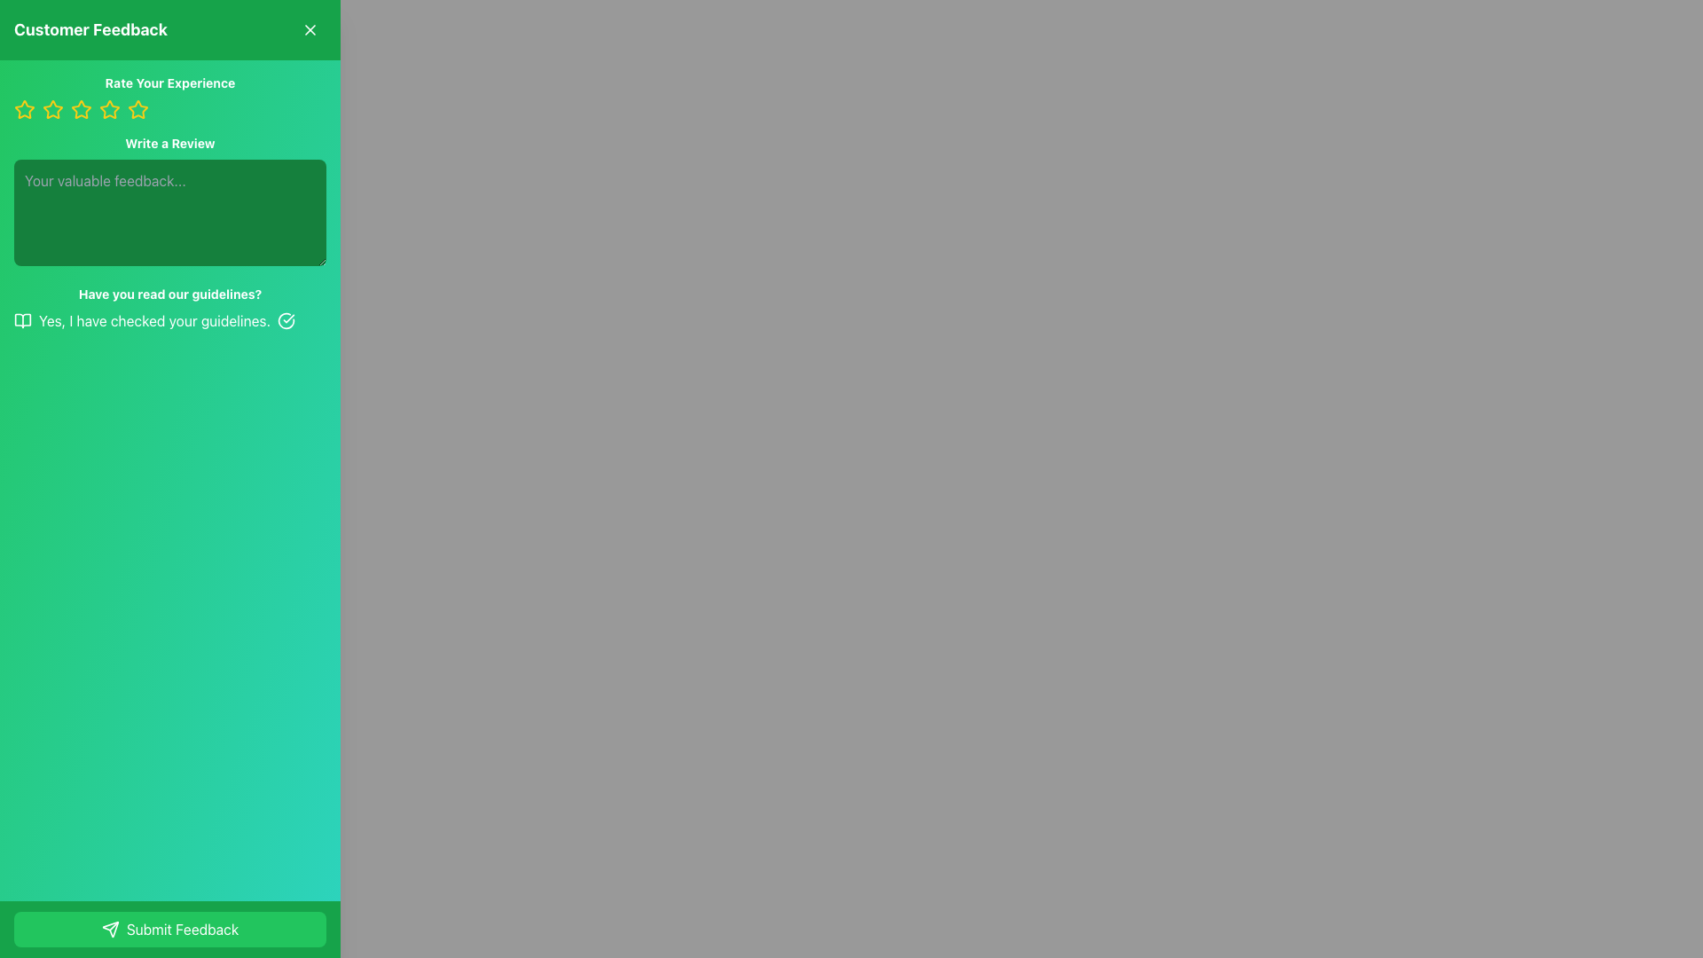 This screenshot has height=958, width=1703. I want to click on the 'Rate Your Experience' label, which is a bold white heading on a green background, positioned at the top of the feedback form above the star rating icons, so click(170, 82).